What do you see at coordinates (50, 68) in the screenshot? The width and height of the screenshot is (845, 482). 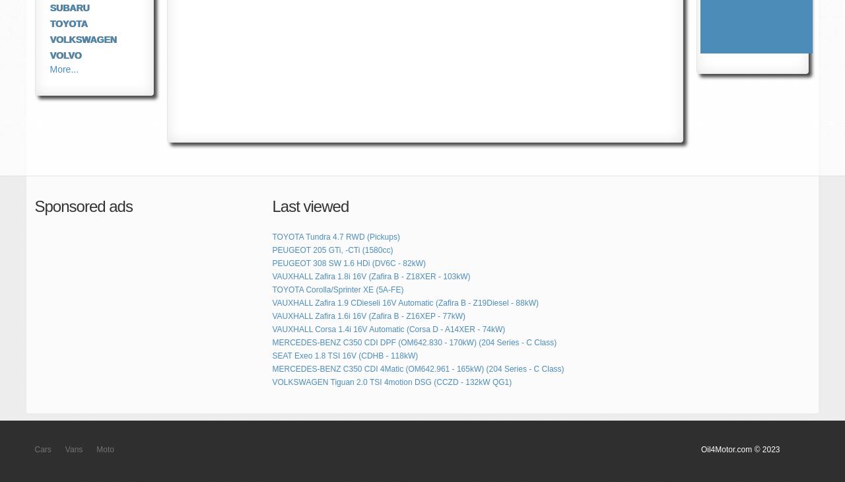 I see `'More...'` at bounding box center [50, 68].